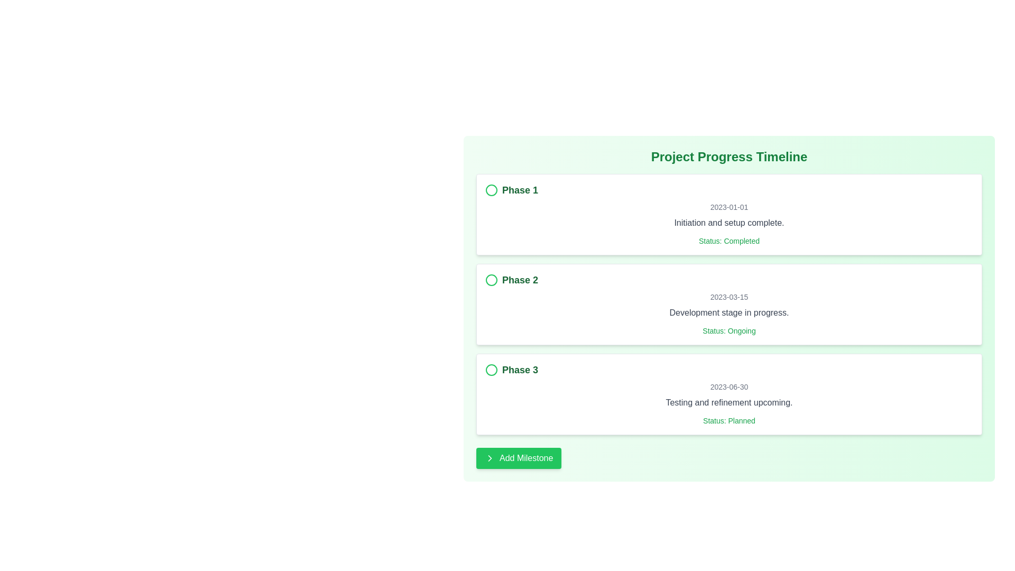 The image size is (1015, 571). I want to click on the static text element displaying 'Development stage in progress.' which is positioned centrally within the white background card for 'Phase 2', located between the date '2023-03-15' and the status label 'Status: Ongoing', so click(728, 312).